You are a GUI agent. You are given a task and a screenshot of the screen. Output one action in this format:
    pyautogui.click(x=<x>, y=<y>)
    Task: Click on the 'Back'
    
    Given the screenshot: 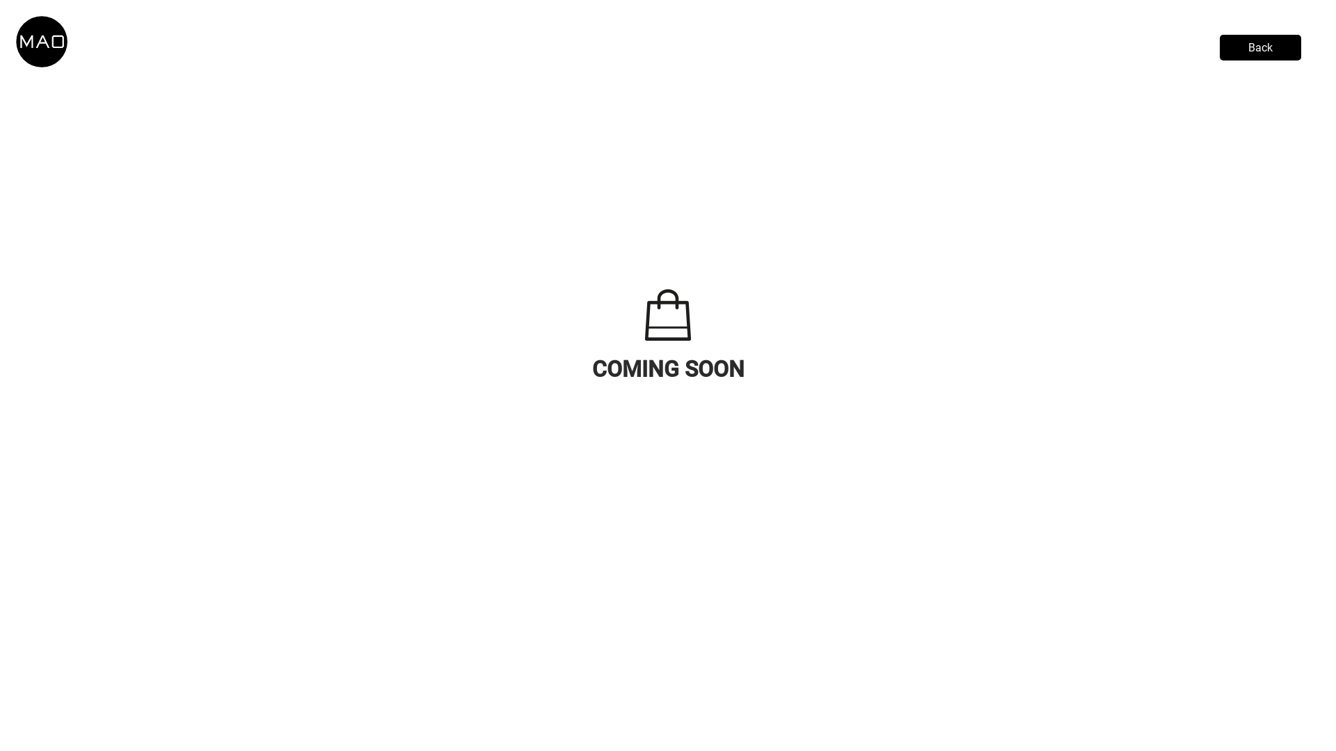 What is the action you would take?
    pyautogui.click(x=1218, y=47)
    